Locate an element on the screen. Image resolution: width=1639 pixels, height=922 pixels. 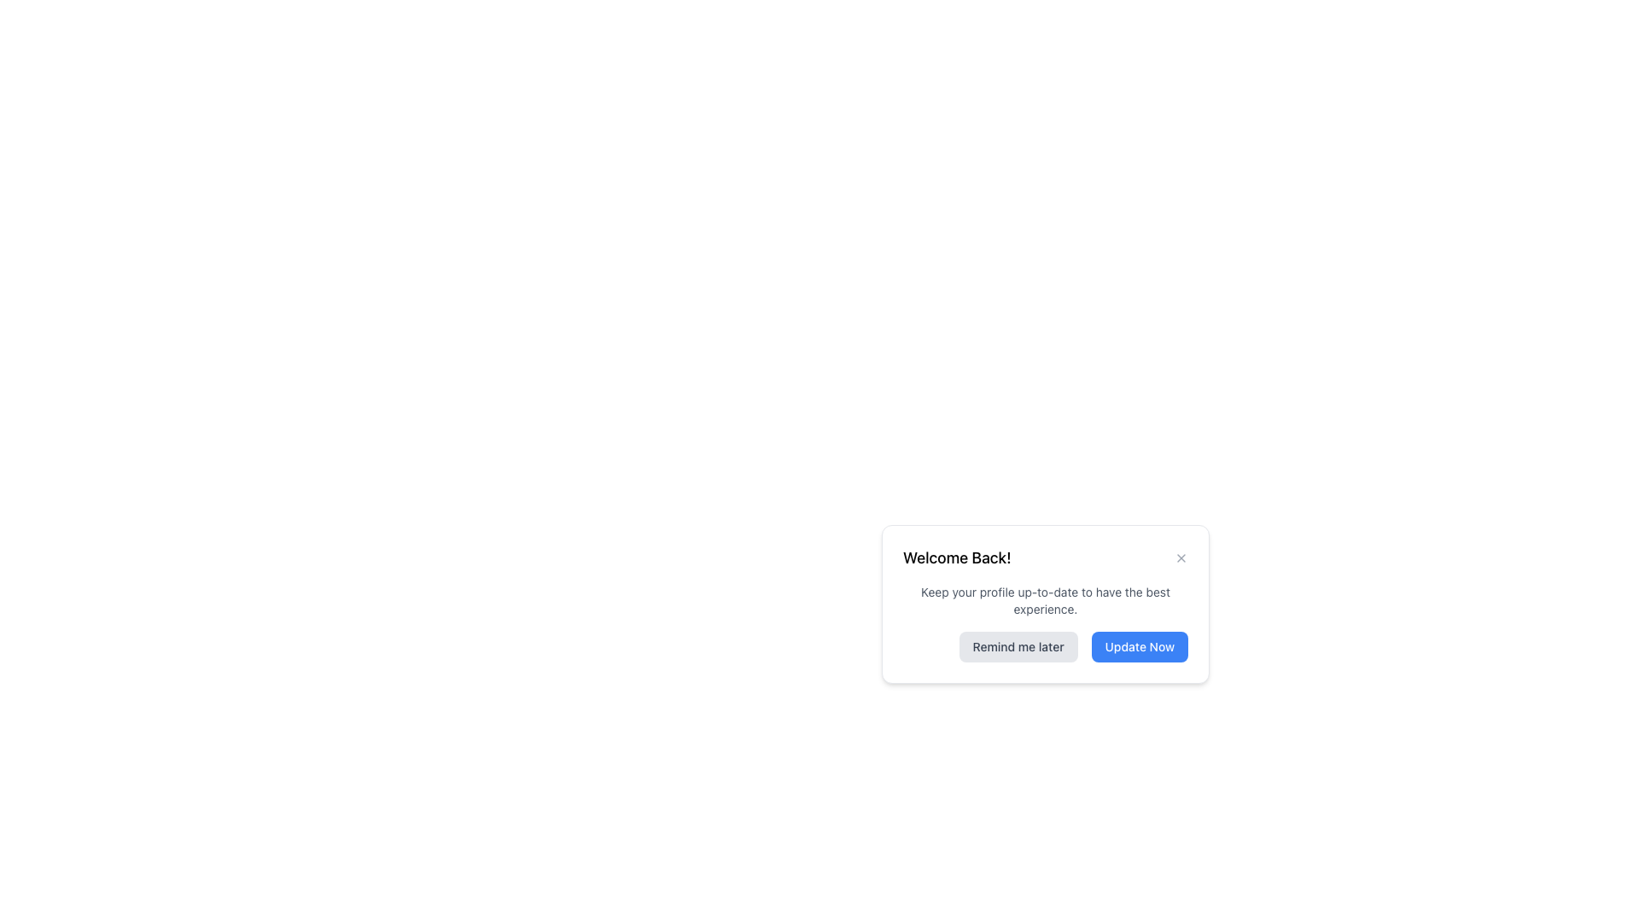
the 'Remind me later' button with a gray background located at the bottom left of the modal dialog is located at coordinates (1044, 658).